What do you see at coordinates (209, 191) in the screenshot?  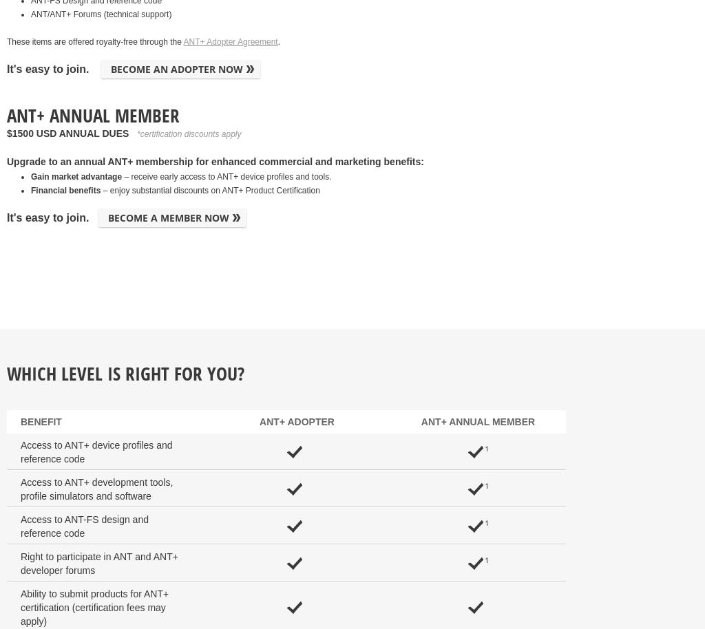 I see `'– enjoy substantial discounts on ANT+ Product Certification'` at bounding box center [209, 191].